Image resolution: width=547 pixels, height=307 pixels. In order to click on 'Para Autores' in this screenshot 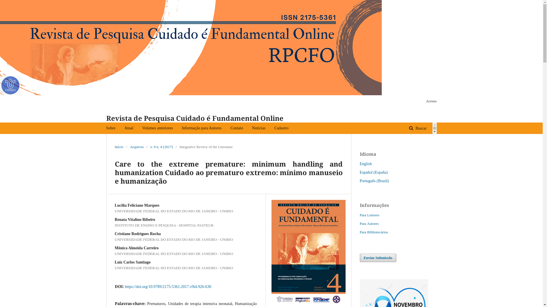, I will do `click(369, 223)`.